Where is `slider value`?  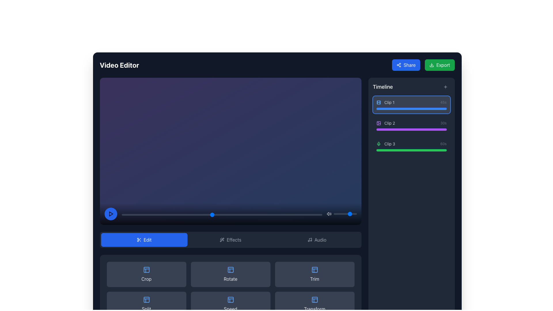
slider value is located at coordinates (173, 214).